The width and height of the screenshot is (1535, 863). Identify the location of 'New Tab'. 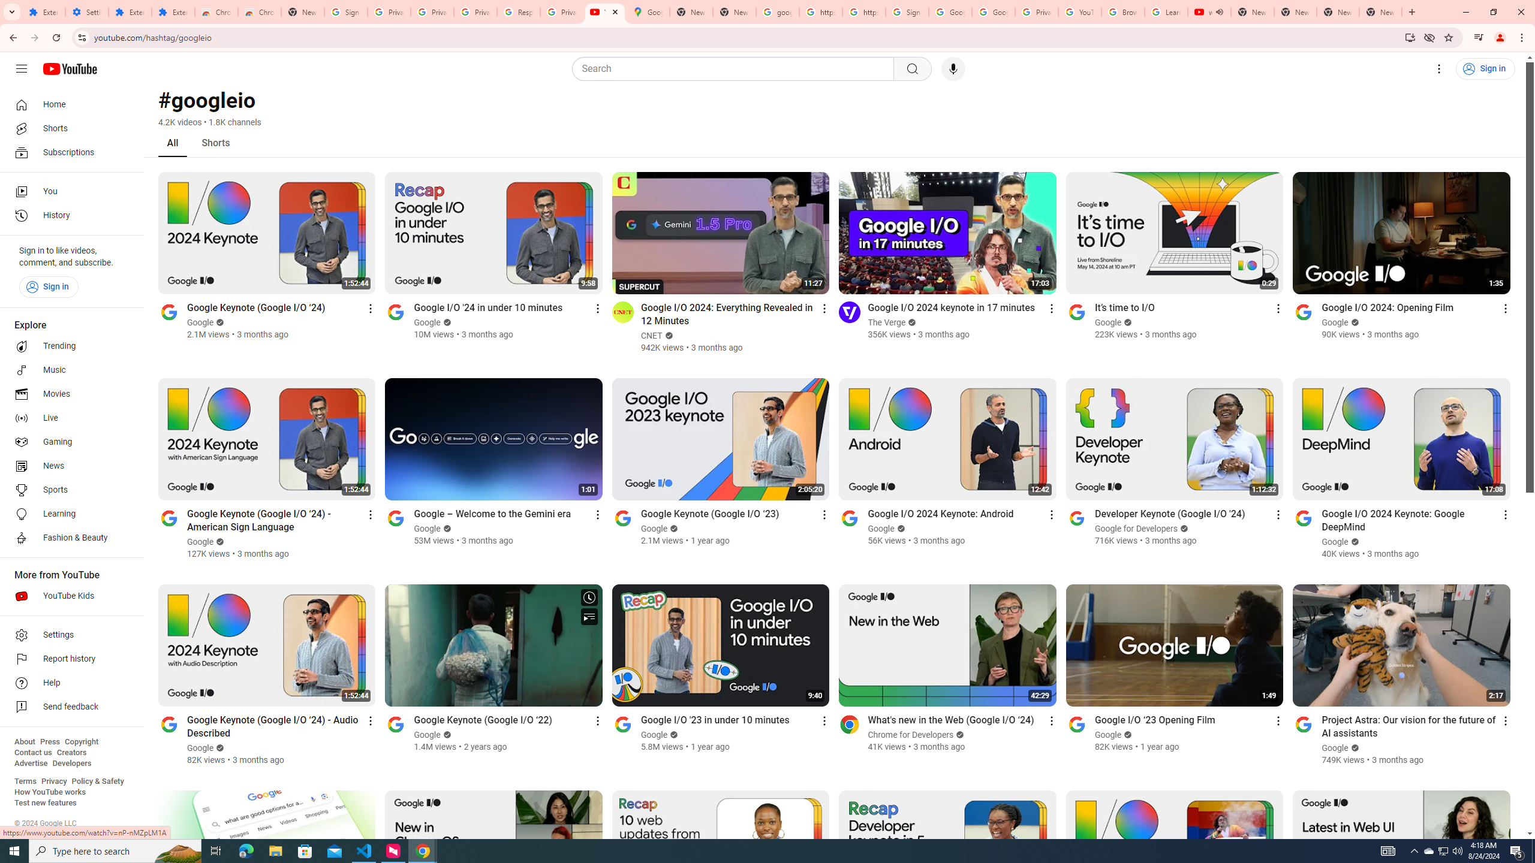
(1380, 11).